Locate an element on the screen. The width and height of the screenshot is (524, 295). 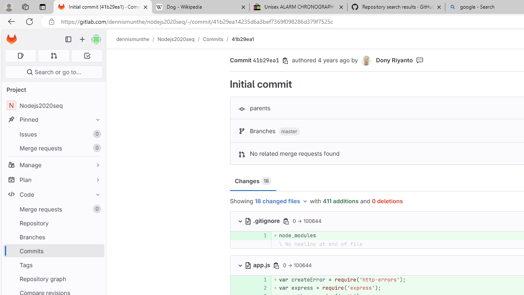
'Class: s16 chevron-down' is located at coordinates (239, 265).